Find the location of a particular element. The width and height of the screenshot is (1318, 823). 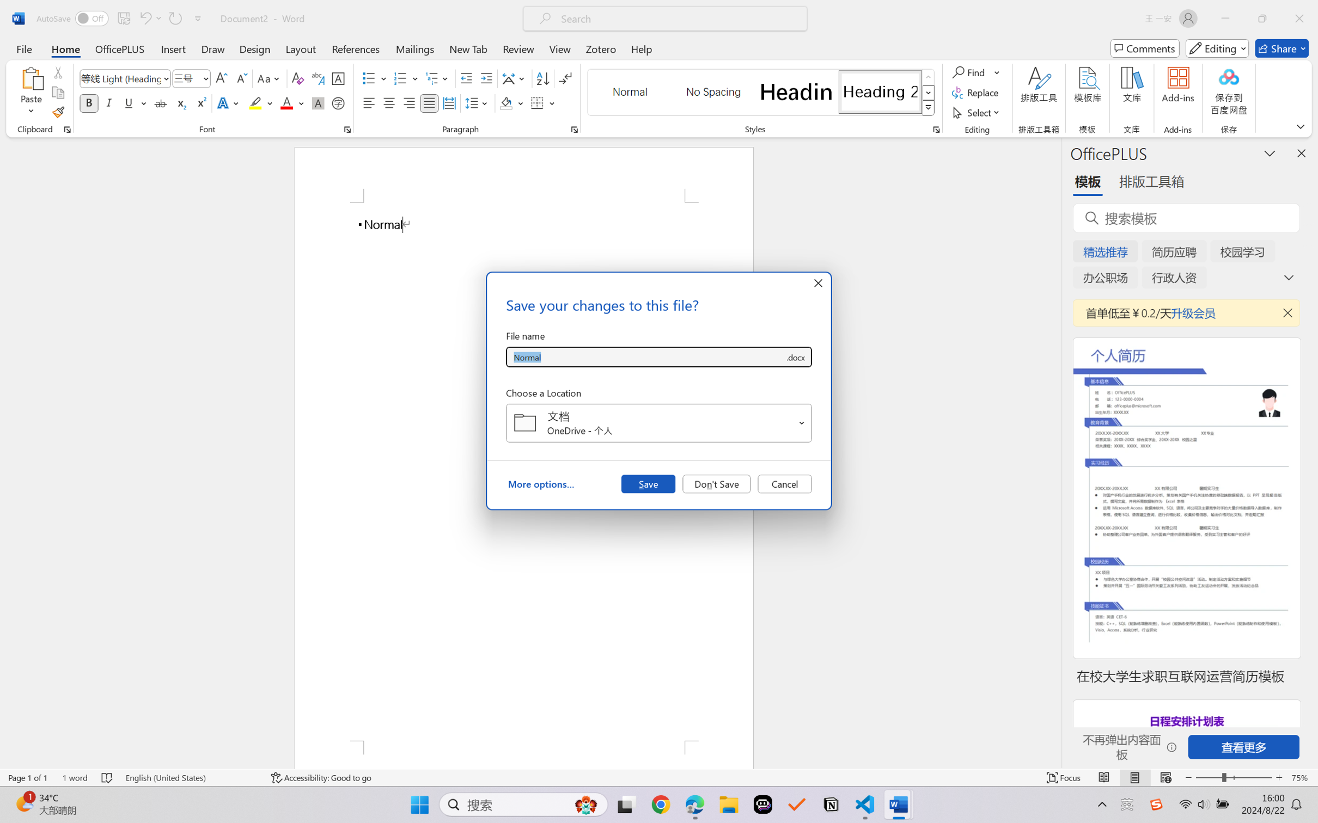

'Paste' is located at coordinates (31, 93).